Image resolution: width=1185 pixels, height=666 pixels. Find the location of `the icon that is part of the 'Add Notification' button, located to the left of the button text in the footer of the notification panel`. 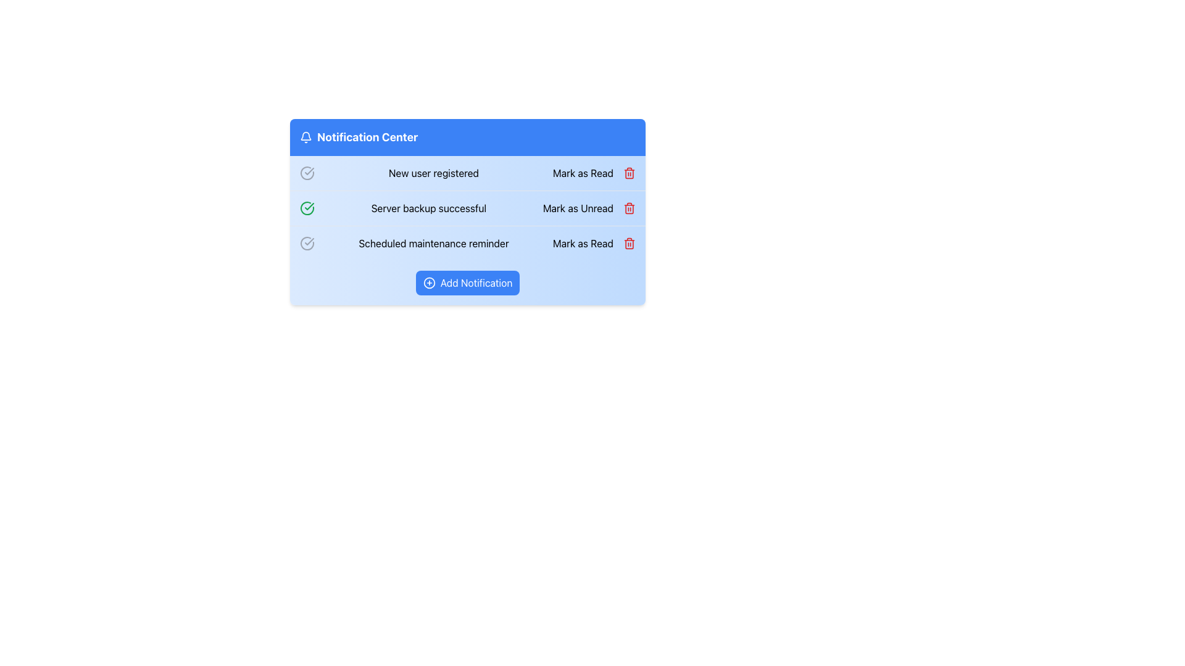

the icon that is part of the 'Add Notification' button, located to the left of the button text in the footer of the notification panel is located at coordinates (429, 283).